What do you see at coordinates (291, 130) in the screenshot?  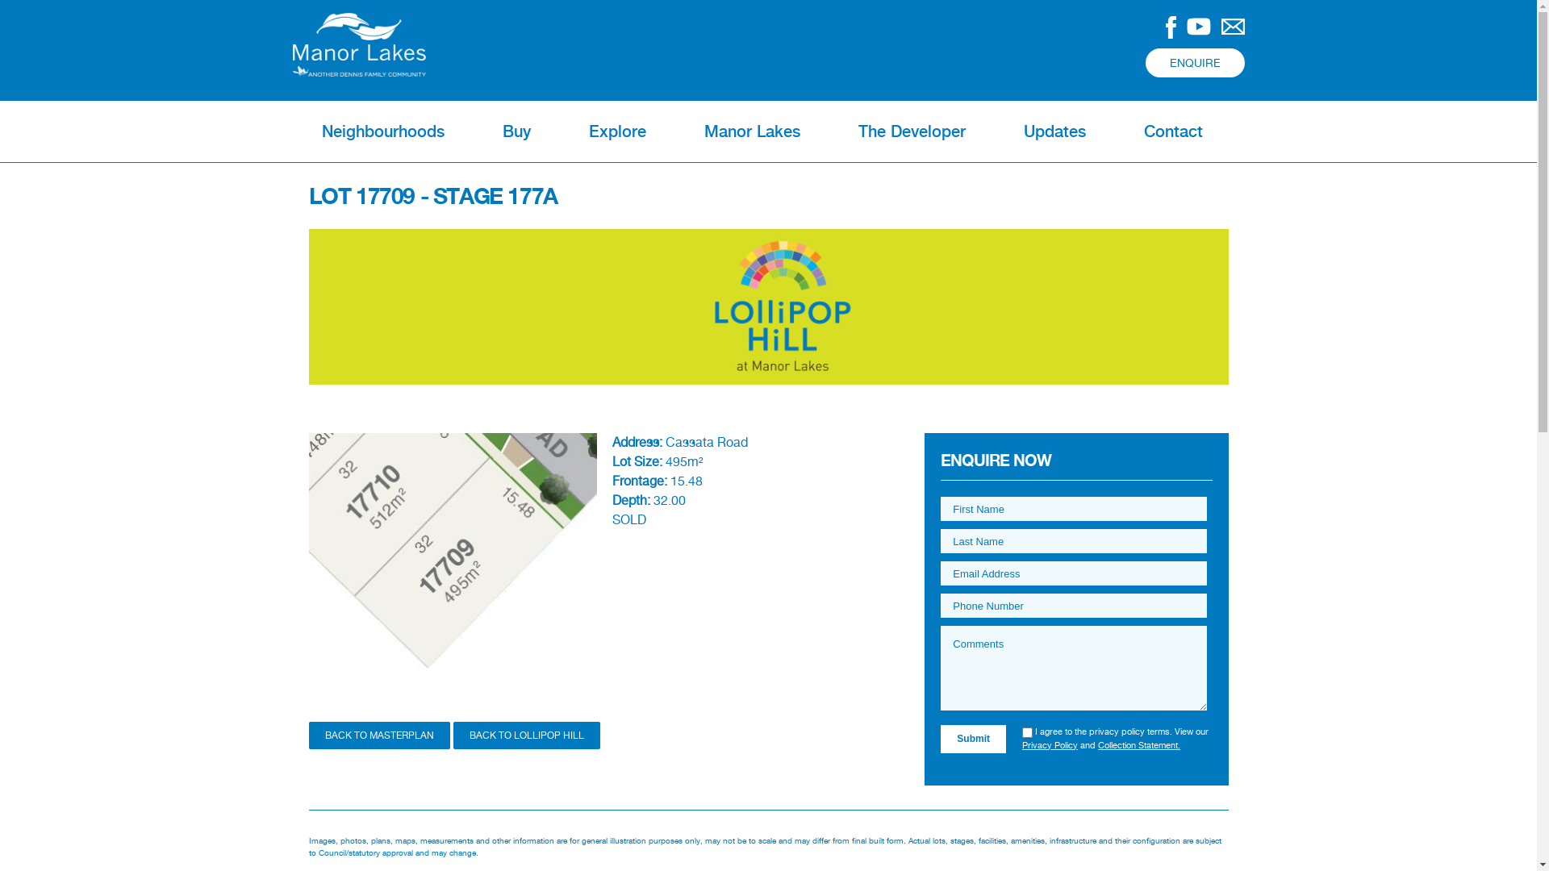 I see `'Neighbourhoods'` at bounding box center [291, 130].